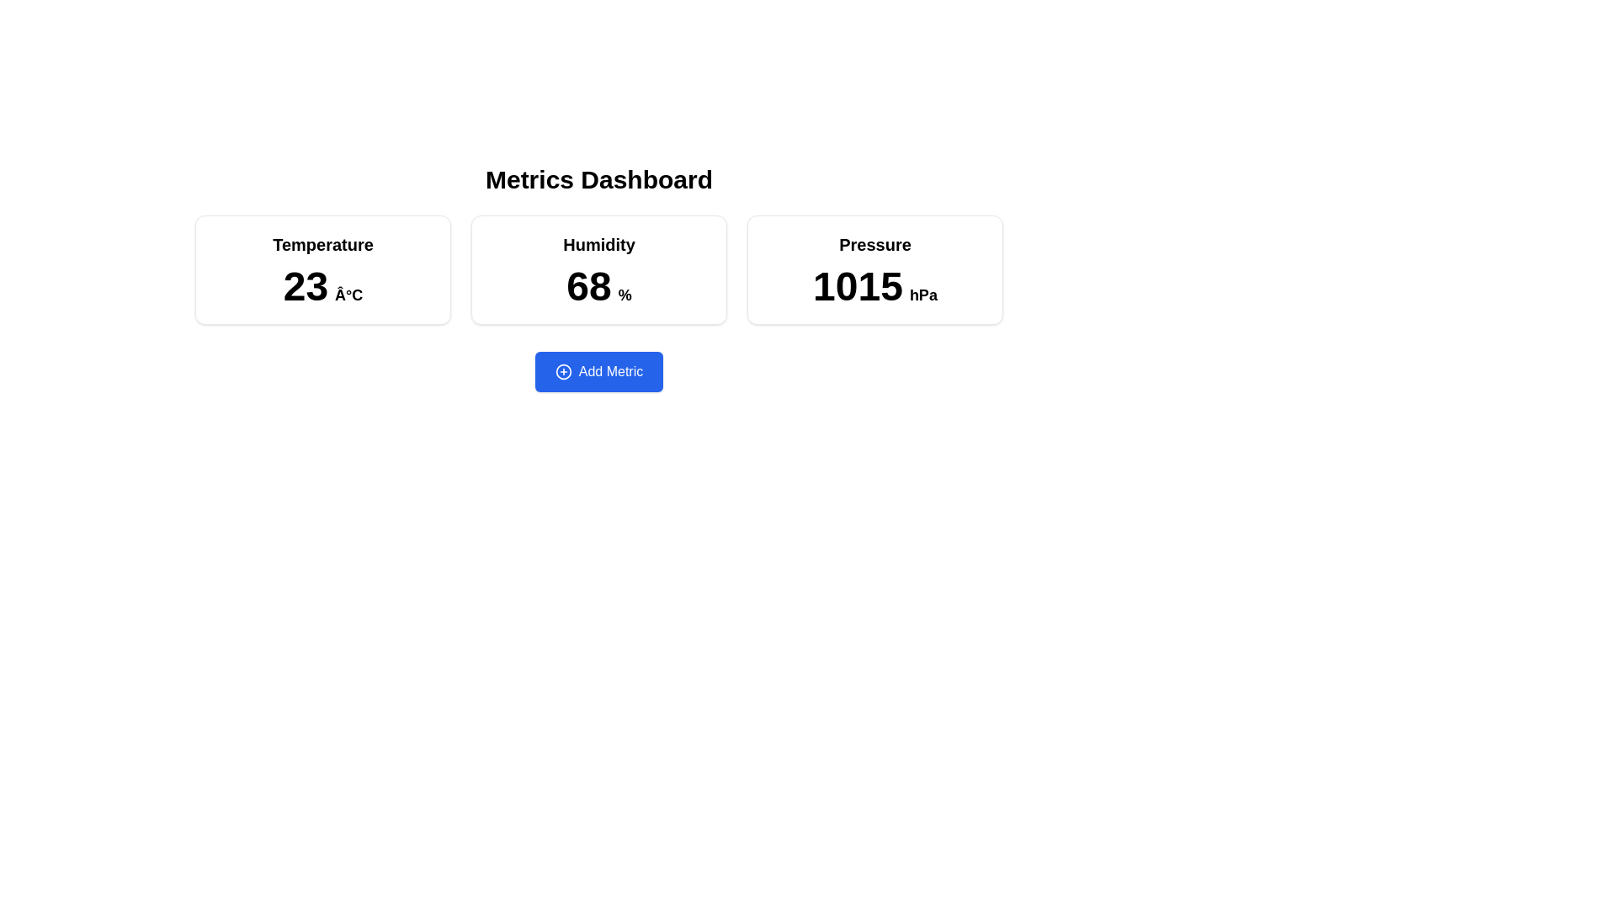 The height and width of the screenshot is (909, 1616). I want to click on the Static information card labeled 'Pressure' which displays '1015 hPa' prominently in the center, so click(875, 268).